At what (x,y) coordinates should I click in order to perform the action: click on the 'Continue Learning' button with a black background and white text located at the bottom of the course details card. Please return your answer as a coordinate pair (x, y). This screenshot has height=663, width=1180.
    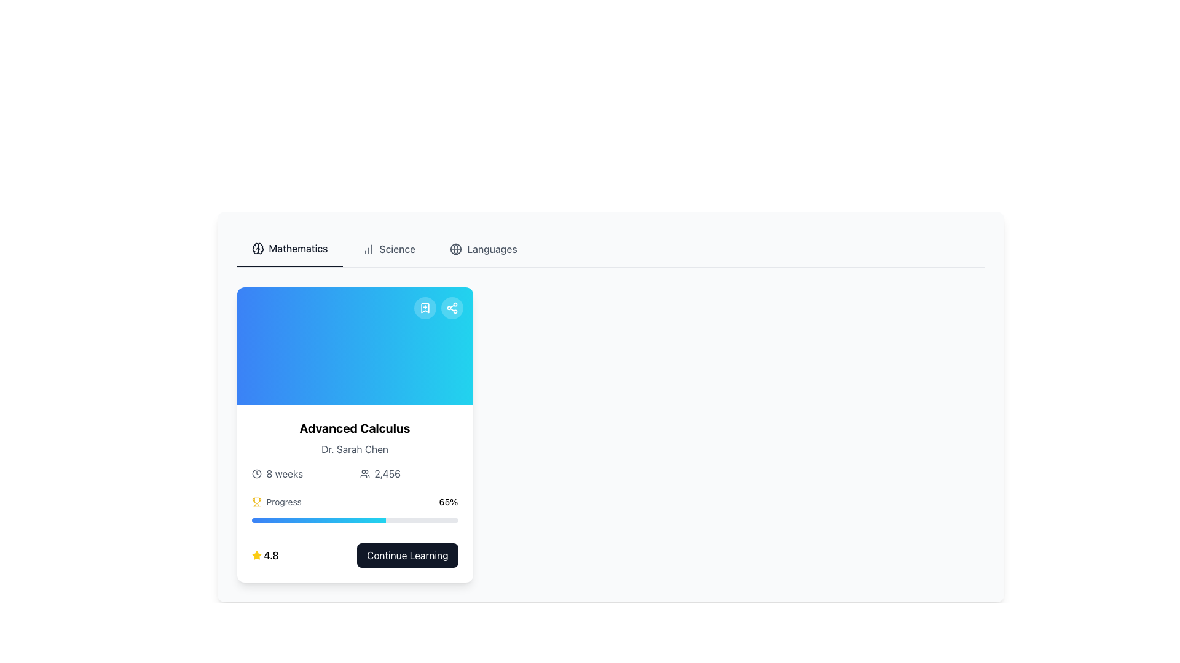
    Looking at the image, I should click on (354, 549).